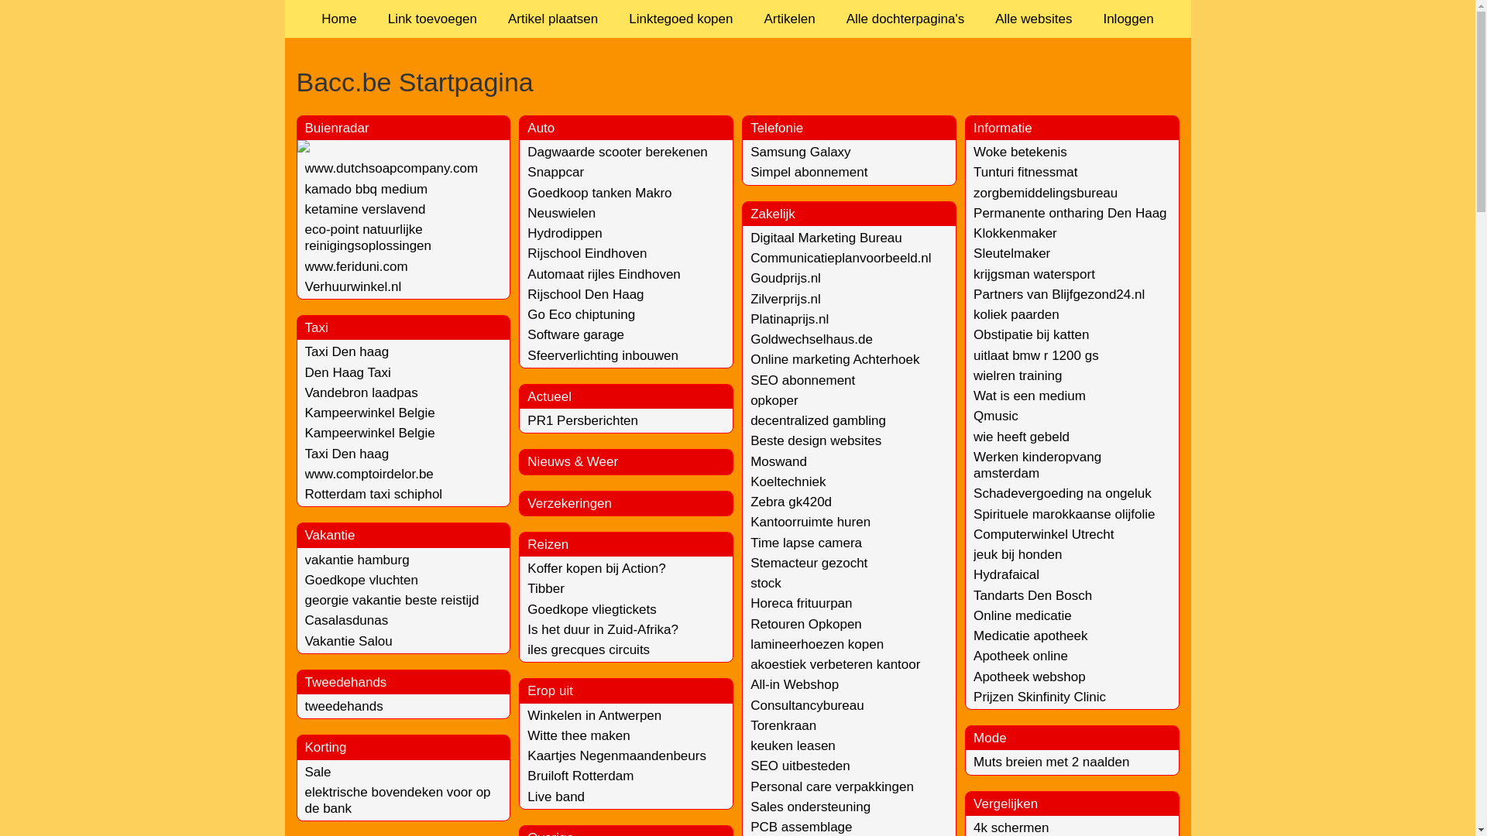  I want to click on 'Tweedehands', so click(345, 681).